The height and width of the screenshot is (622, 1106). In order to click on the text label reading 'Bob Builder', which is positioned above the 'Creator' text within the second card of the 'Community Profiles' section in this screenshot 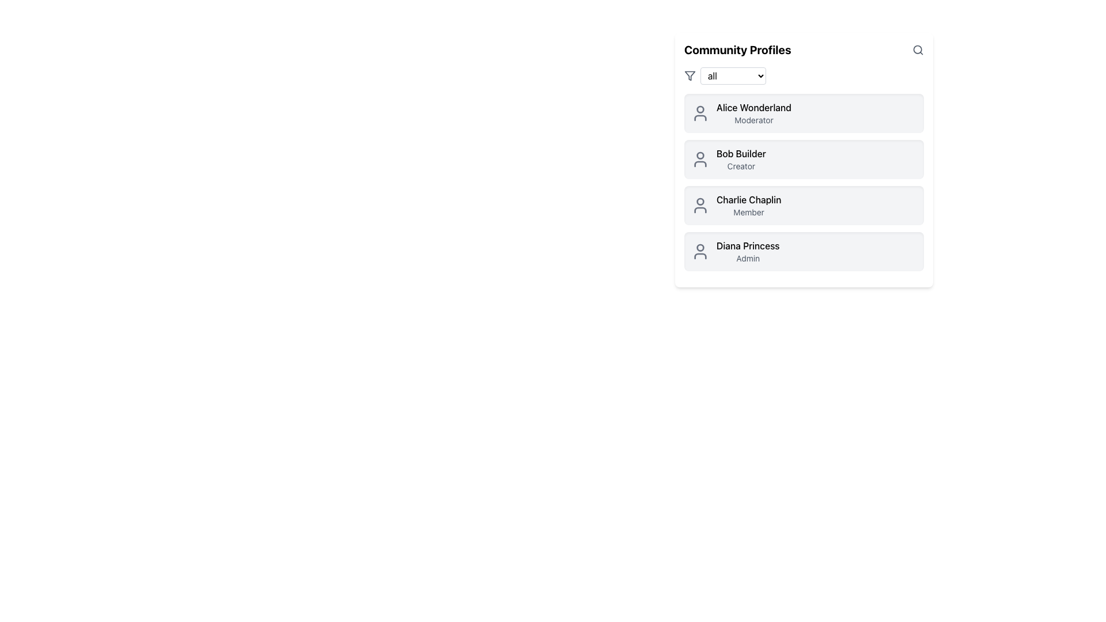, I will do `click(741, 153)`.